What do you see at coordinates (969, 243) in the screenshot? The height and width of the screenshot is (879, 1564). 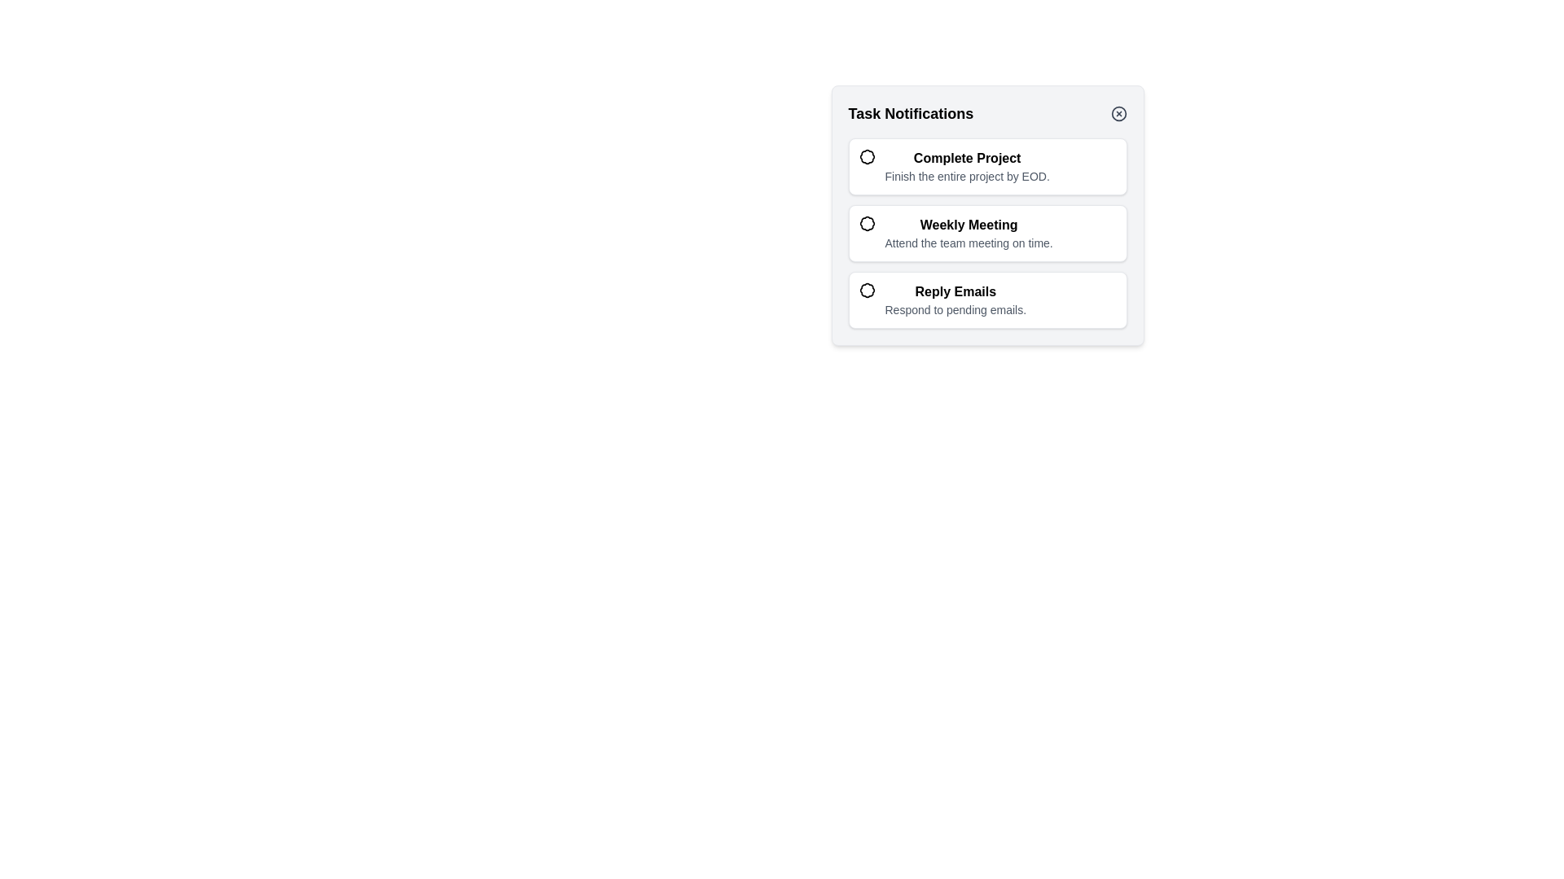 I see `the text label displaying 'Attend the team meeting on time.', which is a secondary text component located below the 'Weekly Meeting' heading` at bounding box center [969, 243].